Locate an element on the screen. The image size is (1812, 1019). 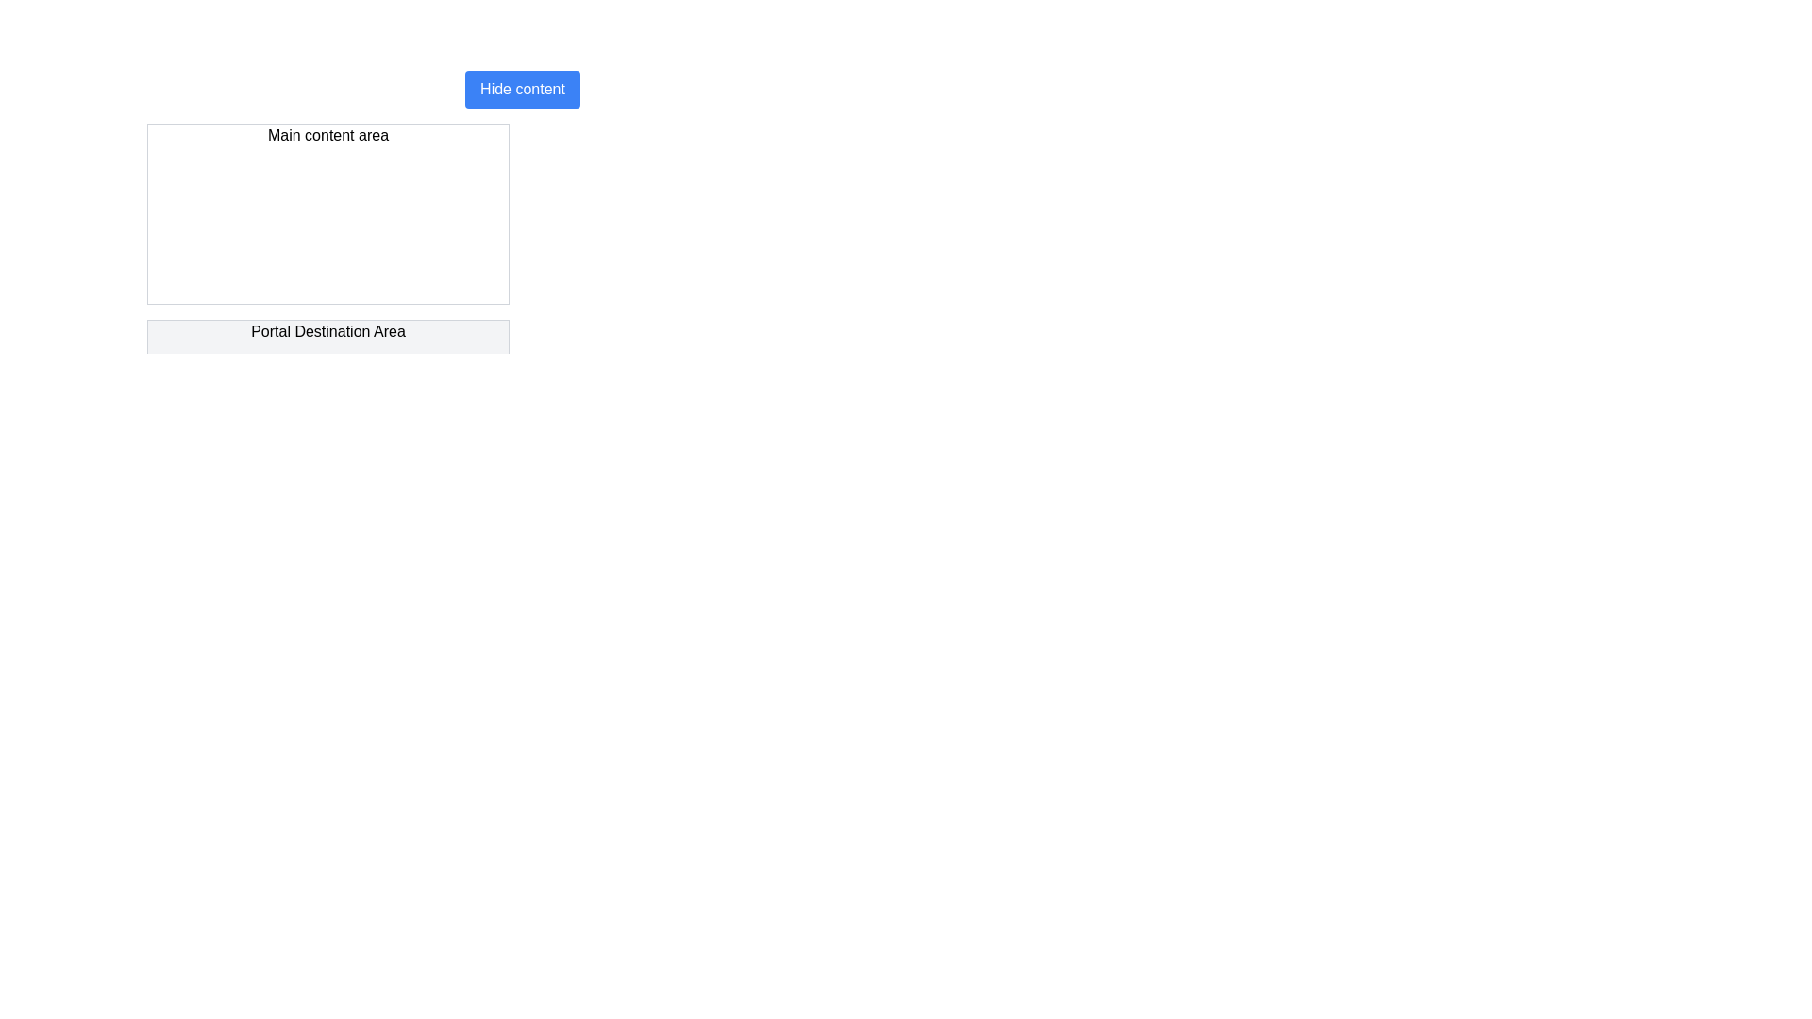
the rectangular button labeled 'Hide content' with a blue background is located at coordinates (522, 90).